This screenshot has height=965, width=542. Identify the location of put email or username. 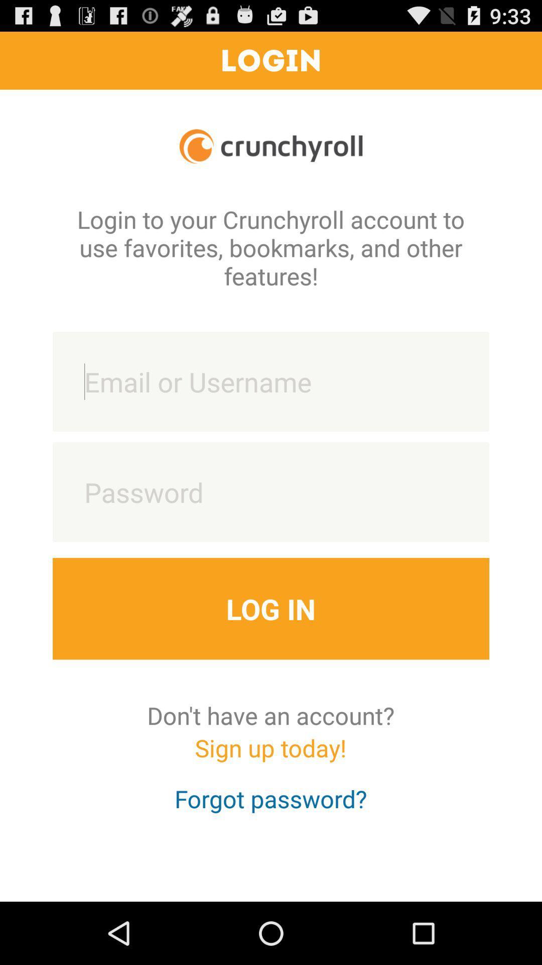
(271, 381).